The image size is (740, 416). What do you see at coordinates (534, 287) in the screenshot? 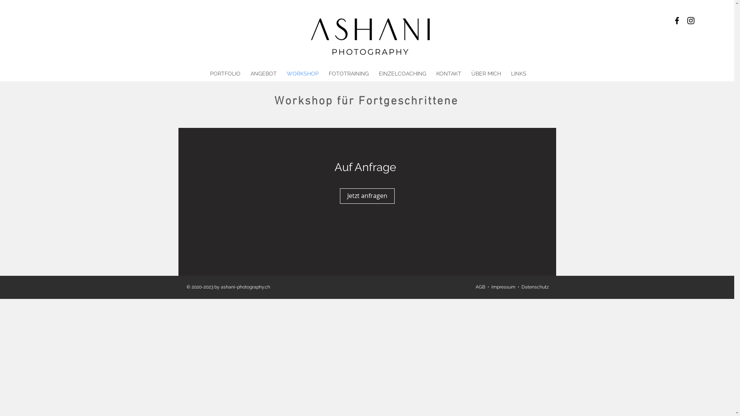
I see `'Datenschutz'` at bounding box center [534, 287].